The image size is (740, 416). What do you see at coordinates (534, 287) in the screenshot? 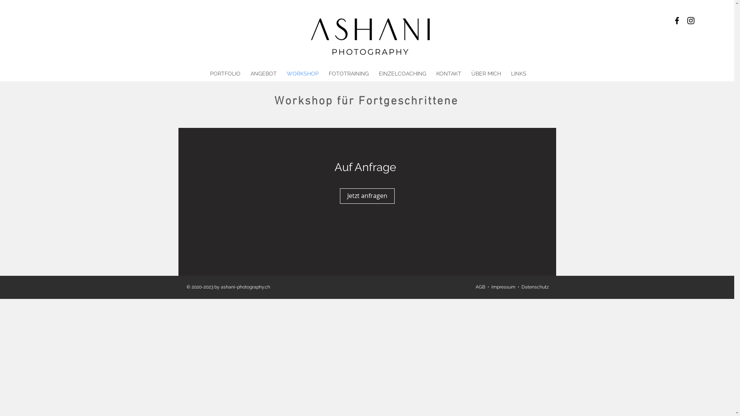
I see `'Datenschutz'` at bounding box center [534, 287].